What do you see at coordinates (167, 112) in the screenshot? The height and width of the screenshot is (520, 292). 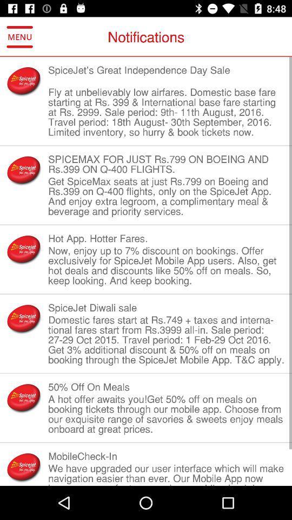 I see `item below the spicejet s great` at bounding box center [167, 112].